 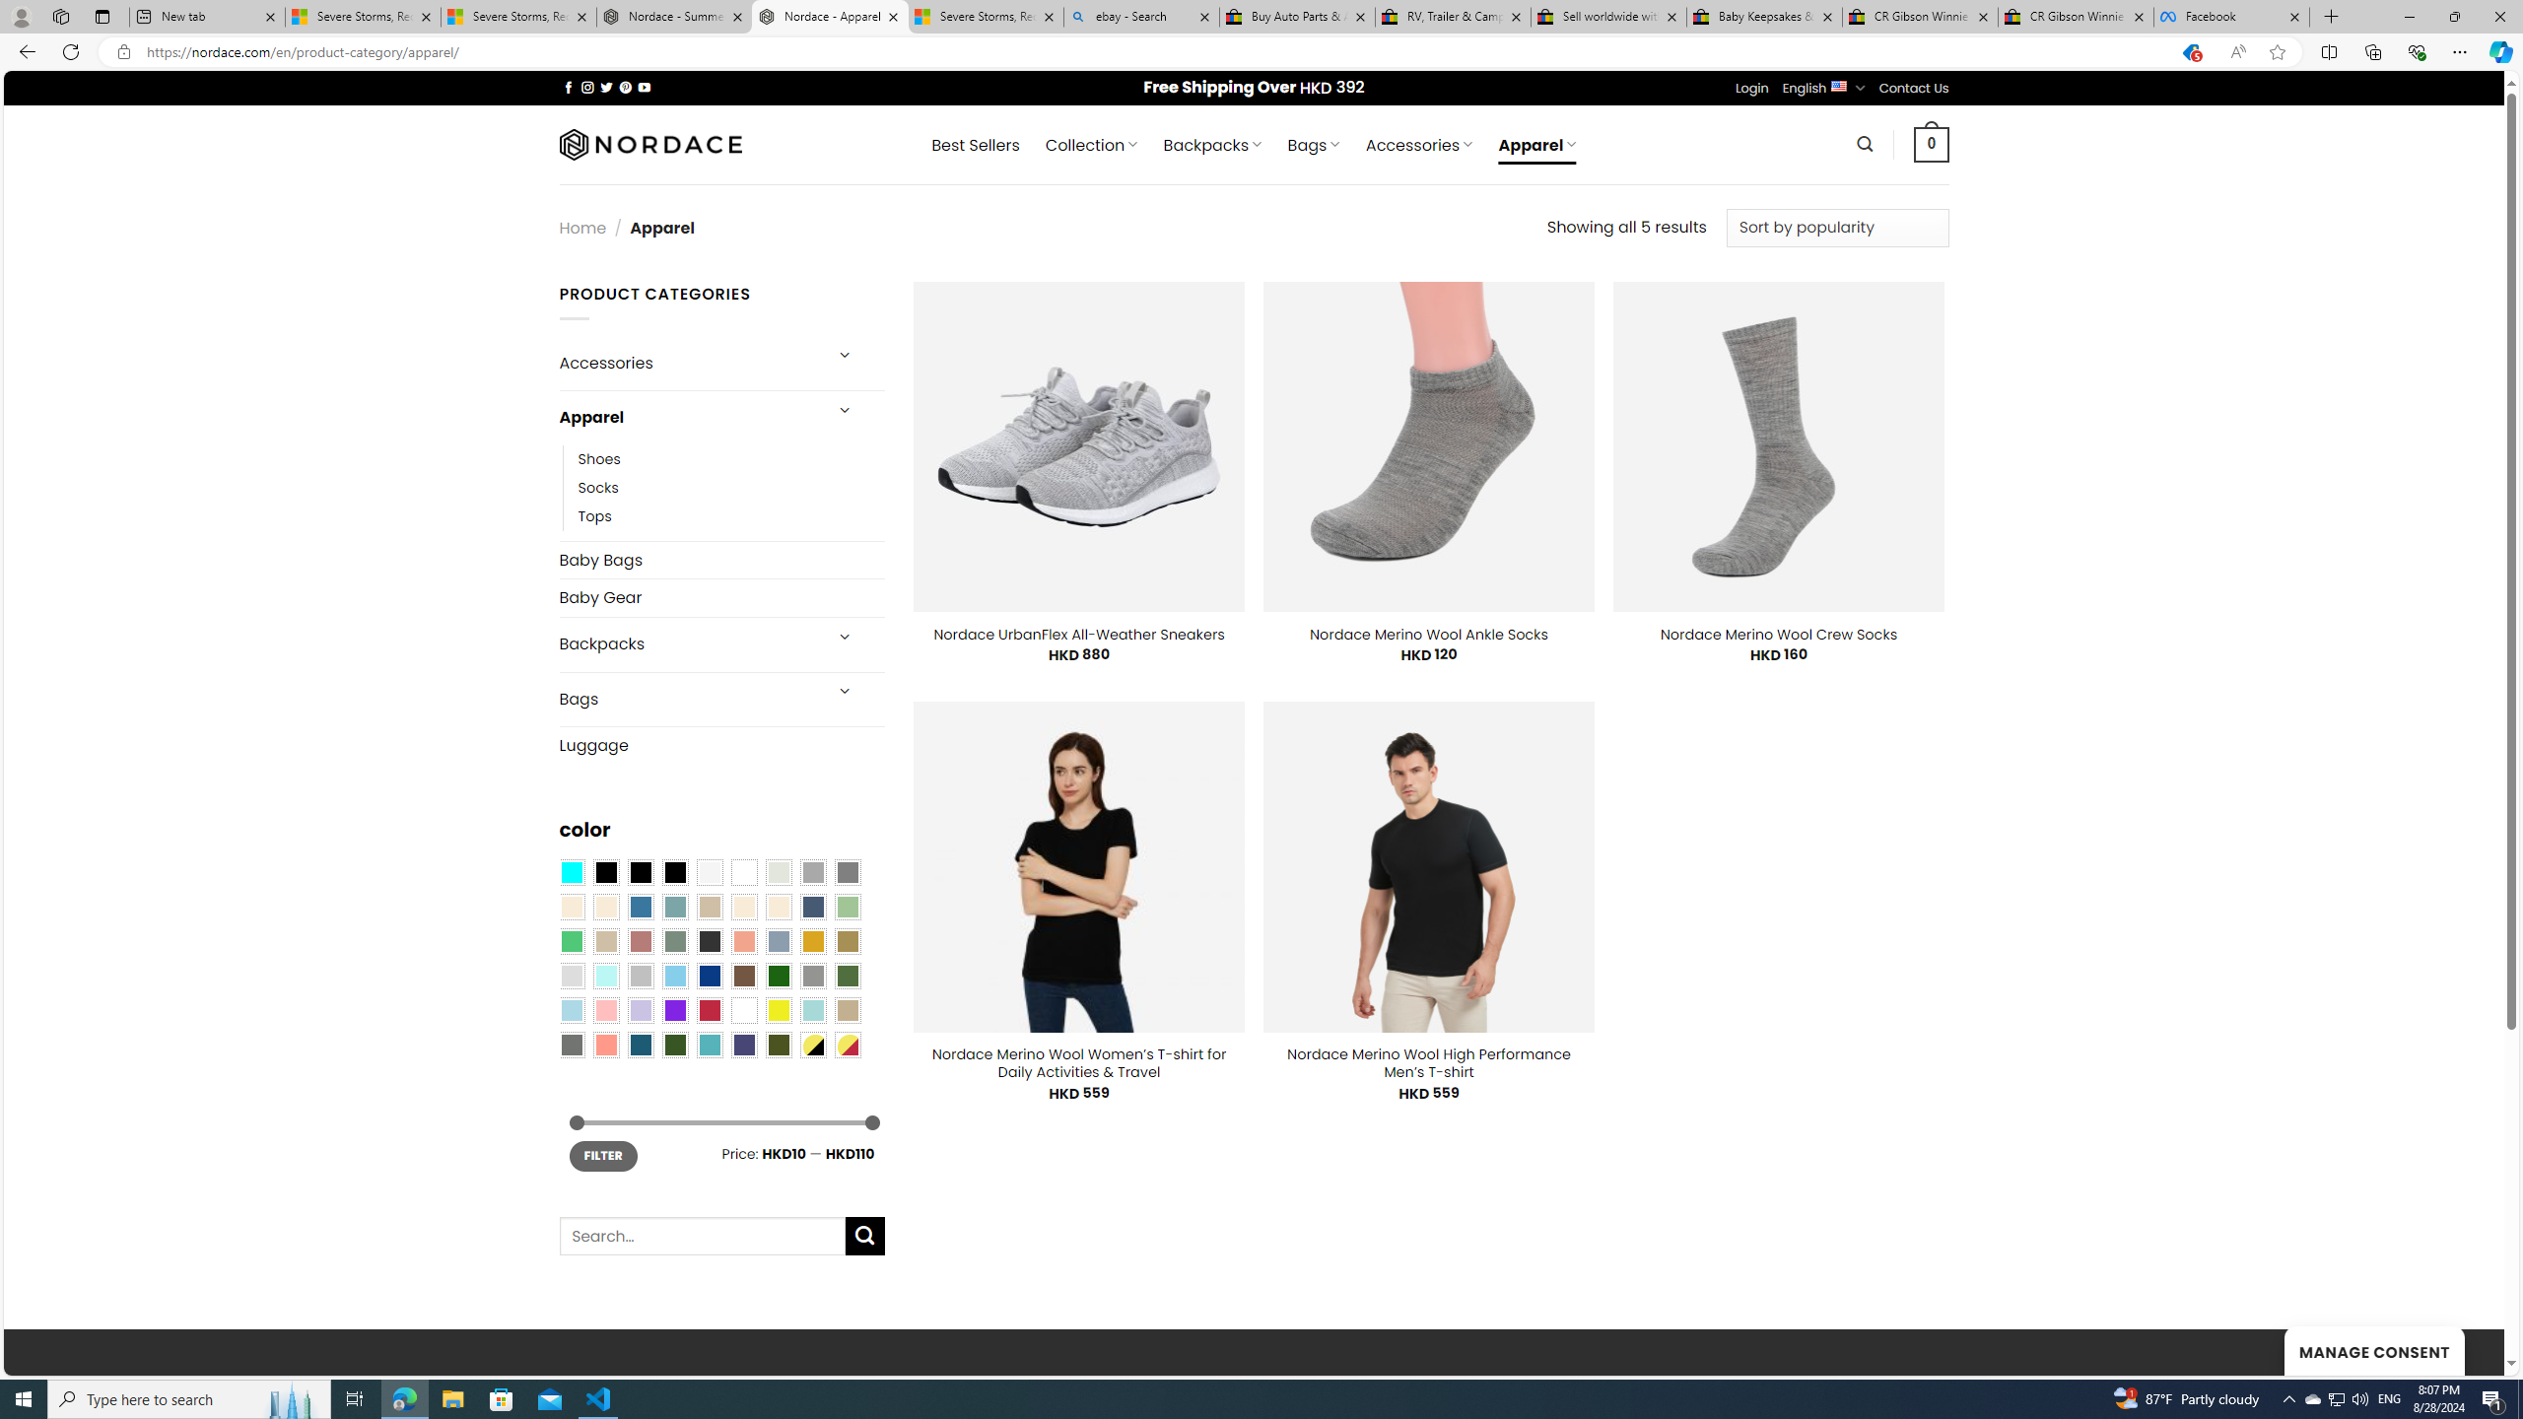 What do you see at coordinates (743, 975) in the screenshot?
I see `'Brown'` at bounding box center [743, 975].